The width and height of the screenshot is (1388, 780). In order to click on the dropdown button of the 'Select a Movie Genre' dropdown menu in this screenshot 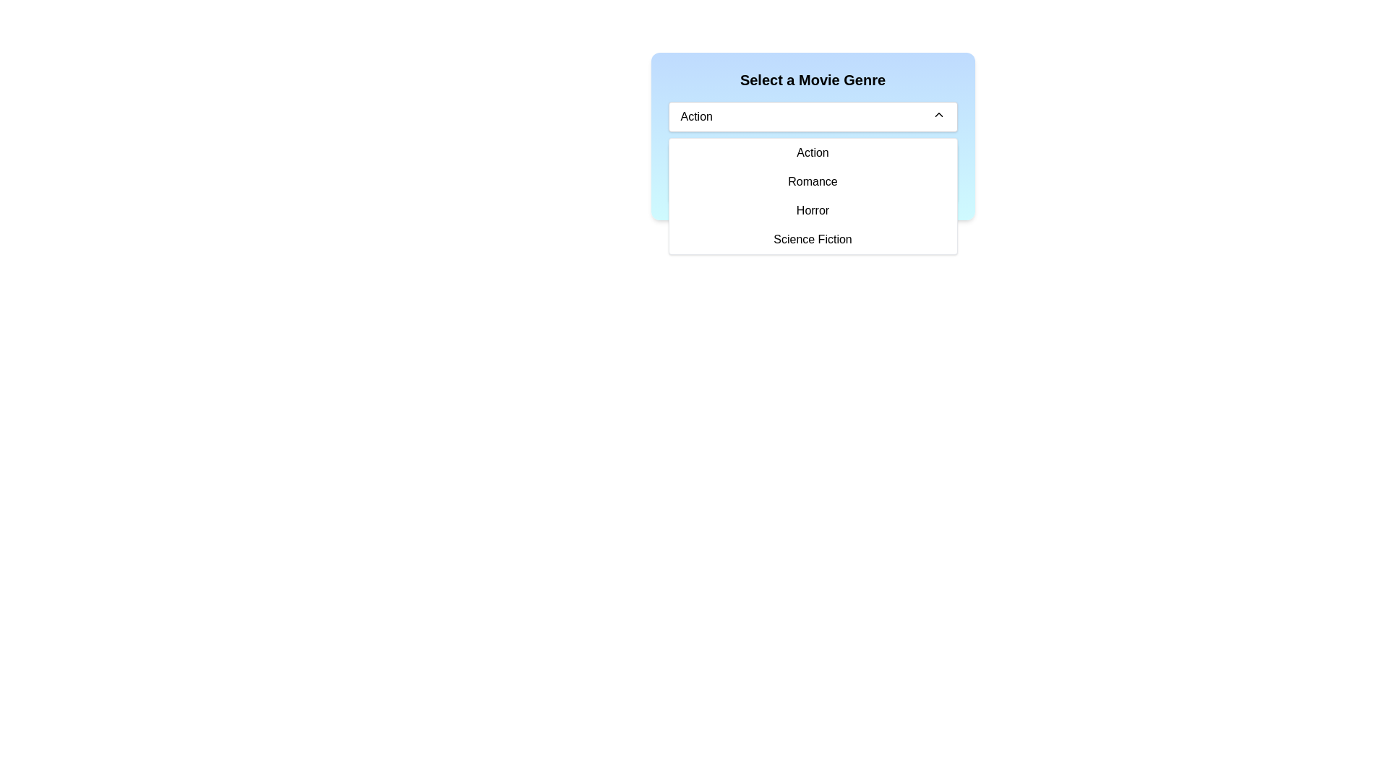, I will do `click(813, 136)`.